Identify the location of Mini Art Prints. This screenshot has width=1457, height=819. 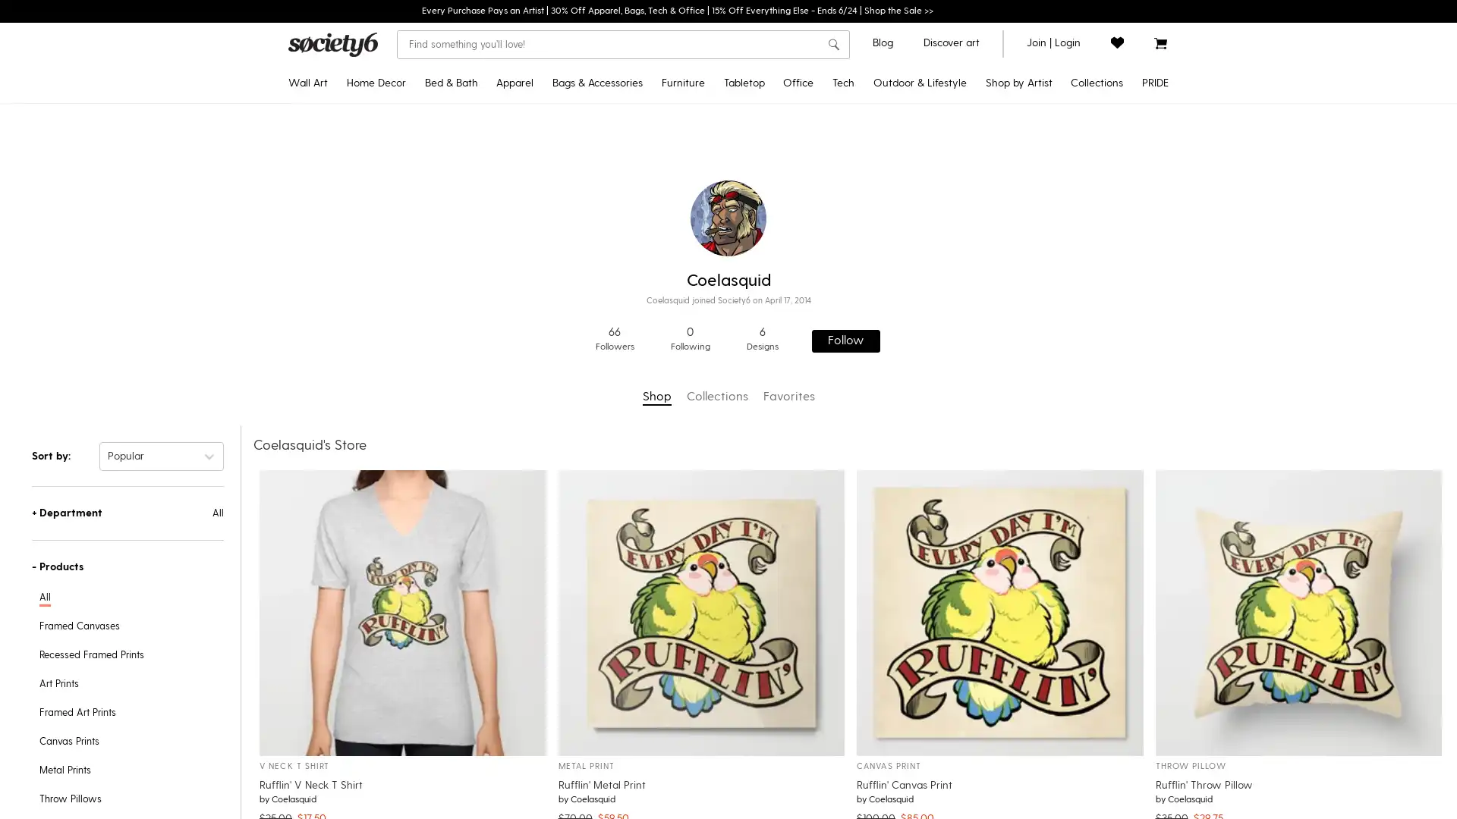
(357, 390).